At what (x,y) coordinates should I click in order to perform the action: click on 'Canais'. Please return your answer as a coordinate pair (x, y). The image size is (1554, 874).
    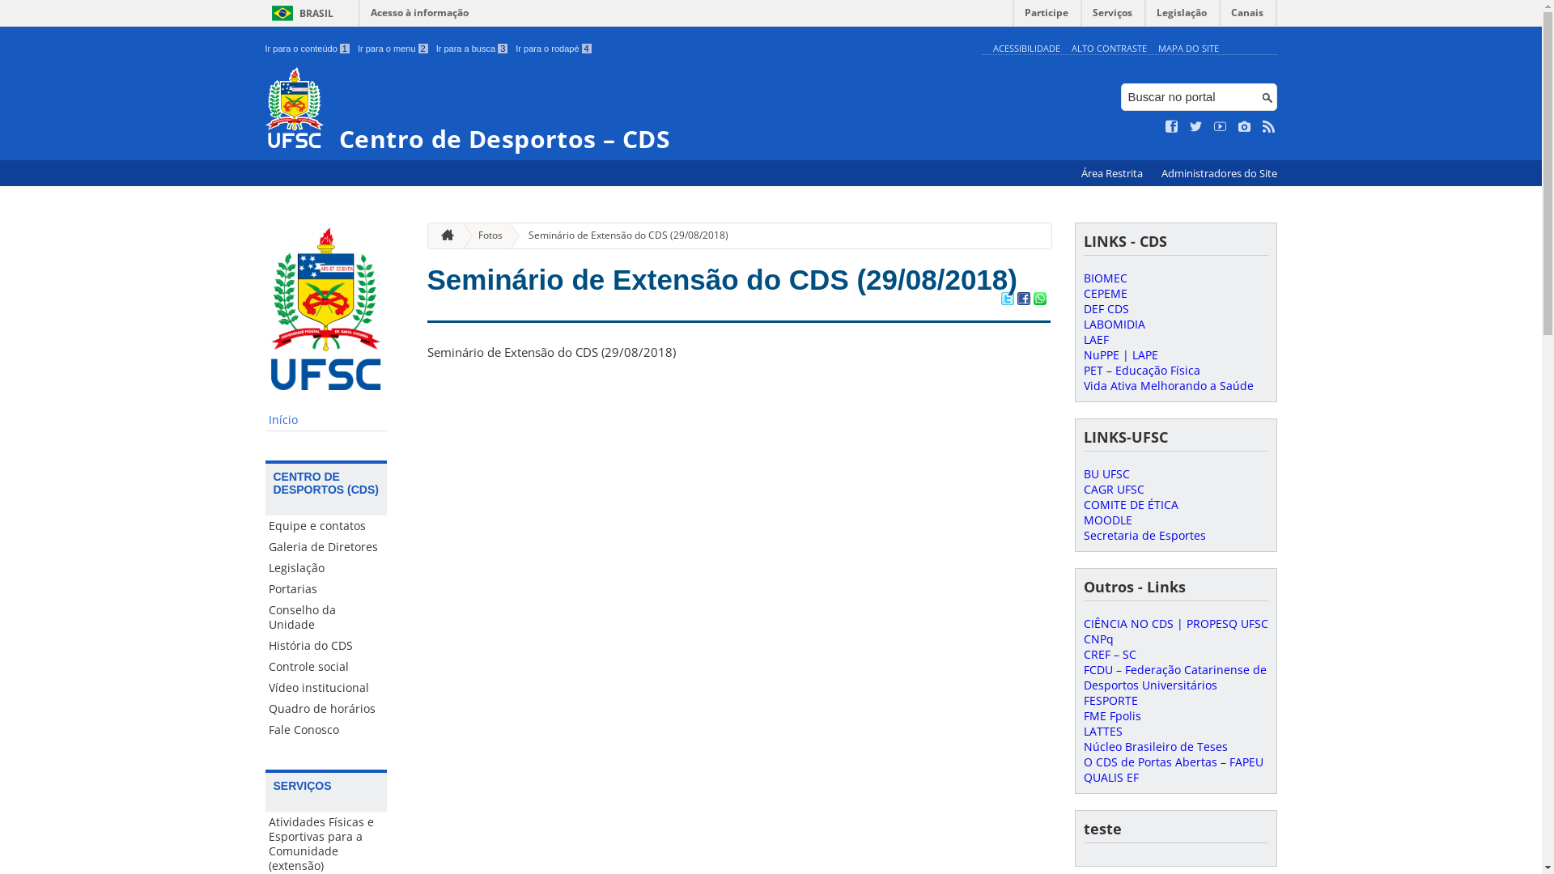
    Looking at the image, I should click on (1246, 16).